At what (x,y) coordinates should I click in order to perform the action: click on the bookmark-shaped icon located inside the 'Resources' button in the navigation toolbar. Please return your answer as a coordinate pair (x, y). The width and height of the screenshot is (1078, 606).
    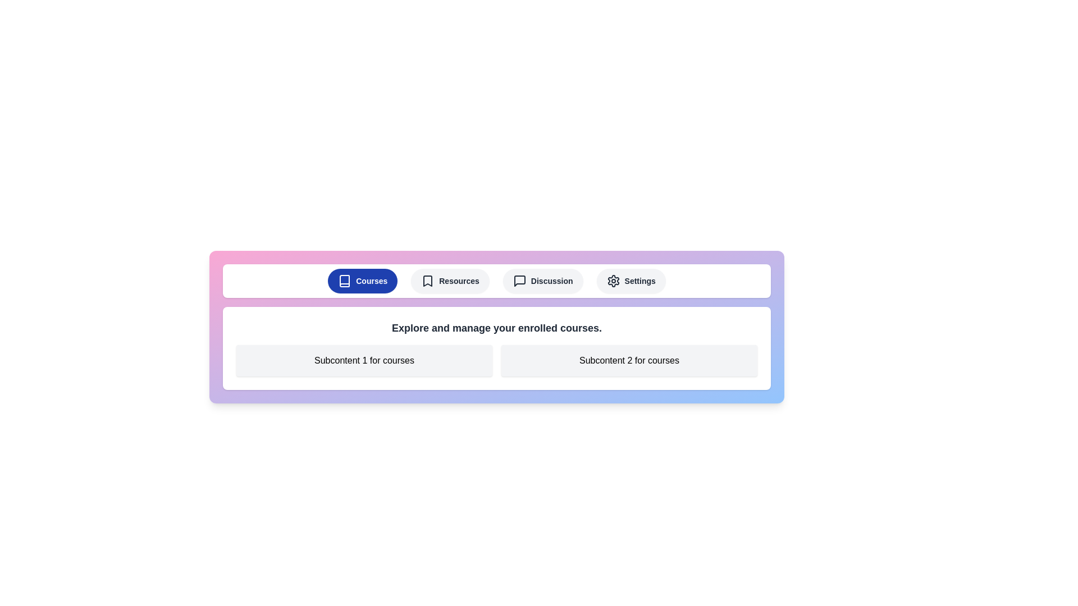
    Looking at the image, I should click on (427, 281).